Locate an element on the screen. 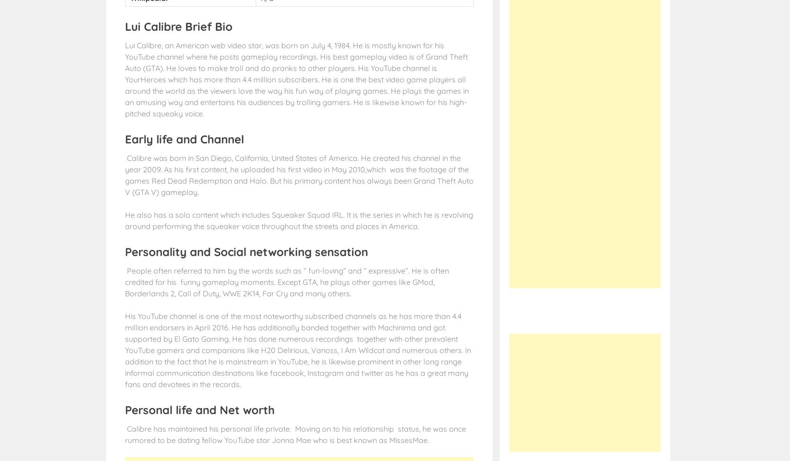  'Personality and Social networking sensation' is located at coordinates (246, 251).